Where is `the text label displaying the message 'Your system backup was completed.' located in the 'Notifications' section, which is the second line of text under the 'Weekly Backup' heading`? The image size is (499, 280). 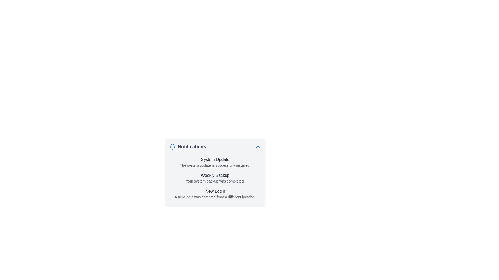 the text label displaying the message 'Your system backup was completed.' located in the 'Notifications' section, which is the second line of text under the 'Weekly Backup' heading is located at coordinates (215, 181).